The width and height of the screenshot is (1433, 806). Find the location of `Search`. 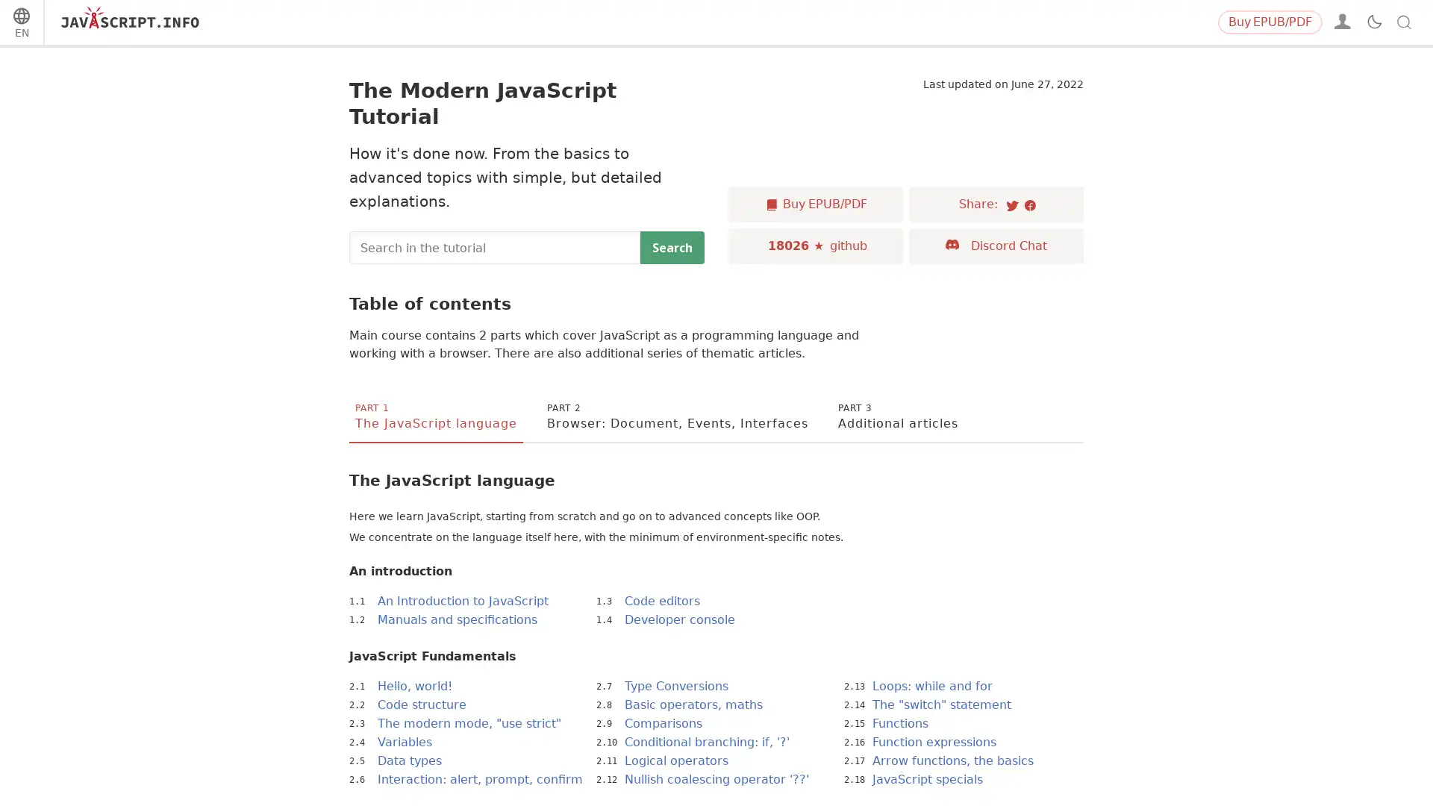

Search is located at coordinates (1380, 22).